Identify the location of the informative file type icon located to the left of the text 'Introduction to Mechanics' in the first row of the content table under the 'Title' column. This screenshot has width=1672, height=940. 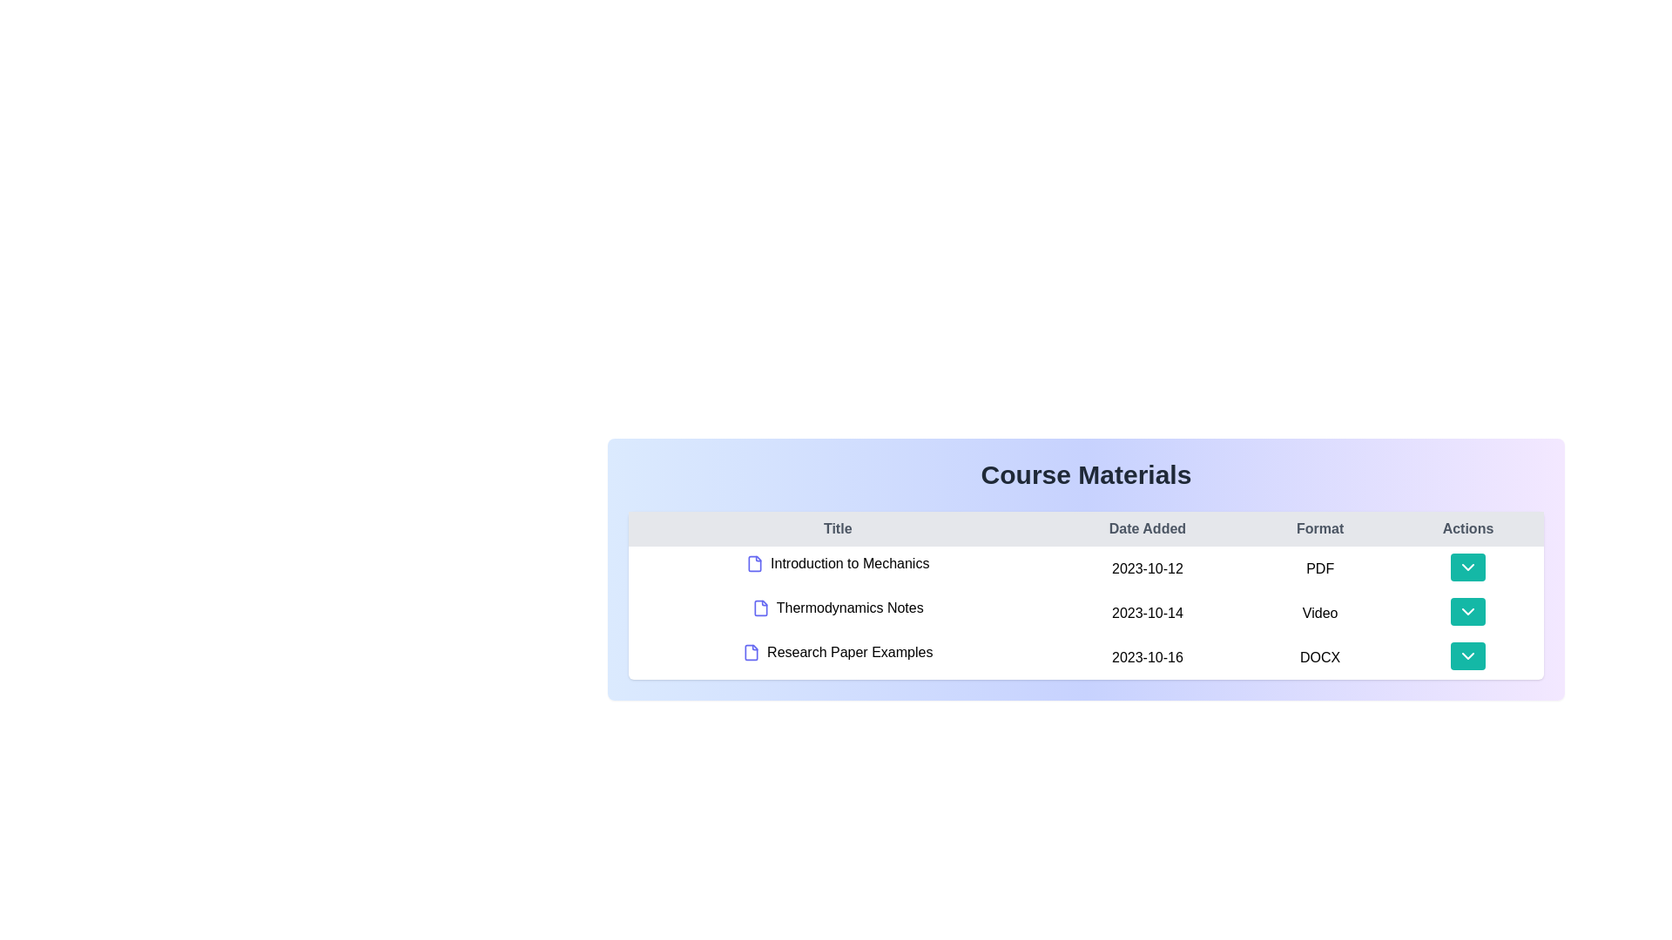
(755, 564).